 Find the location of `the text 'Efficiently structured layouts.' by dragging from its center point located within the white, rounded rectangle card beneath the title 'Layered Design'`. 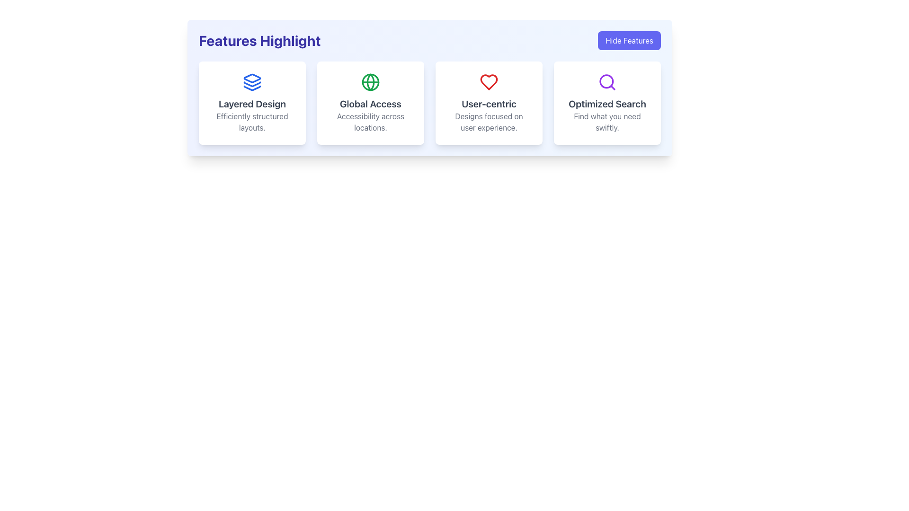

the text 'Efficiently structured layouts.' by dragging from its center point located within the white, rounded rectangle card beneath the title 'Layered Design' is located at coordinates (252, 122).